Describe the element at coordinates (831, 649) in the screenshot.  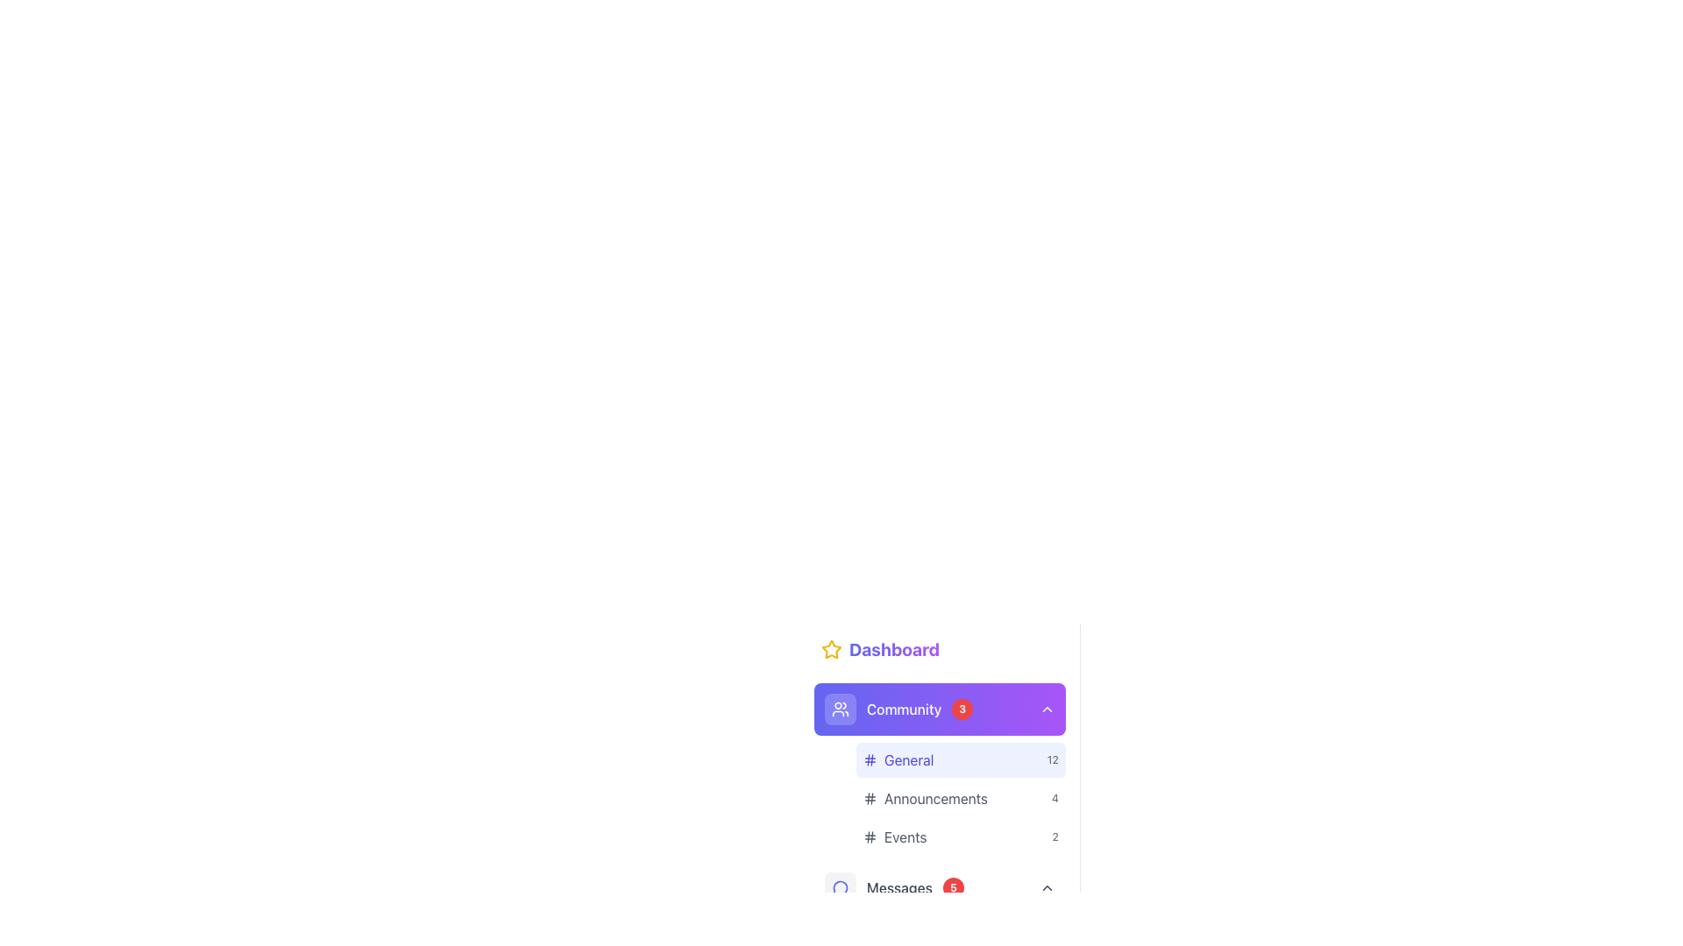
I see `the star icon with a yellow outline located to the left of the 'Dashboard' text in the upper section of the sidebar` at that location.